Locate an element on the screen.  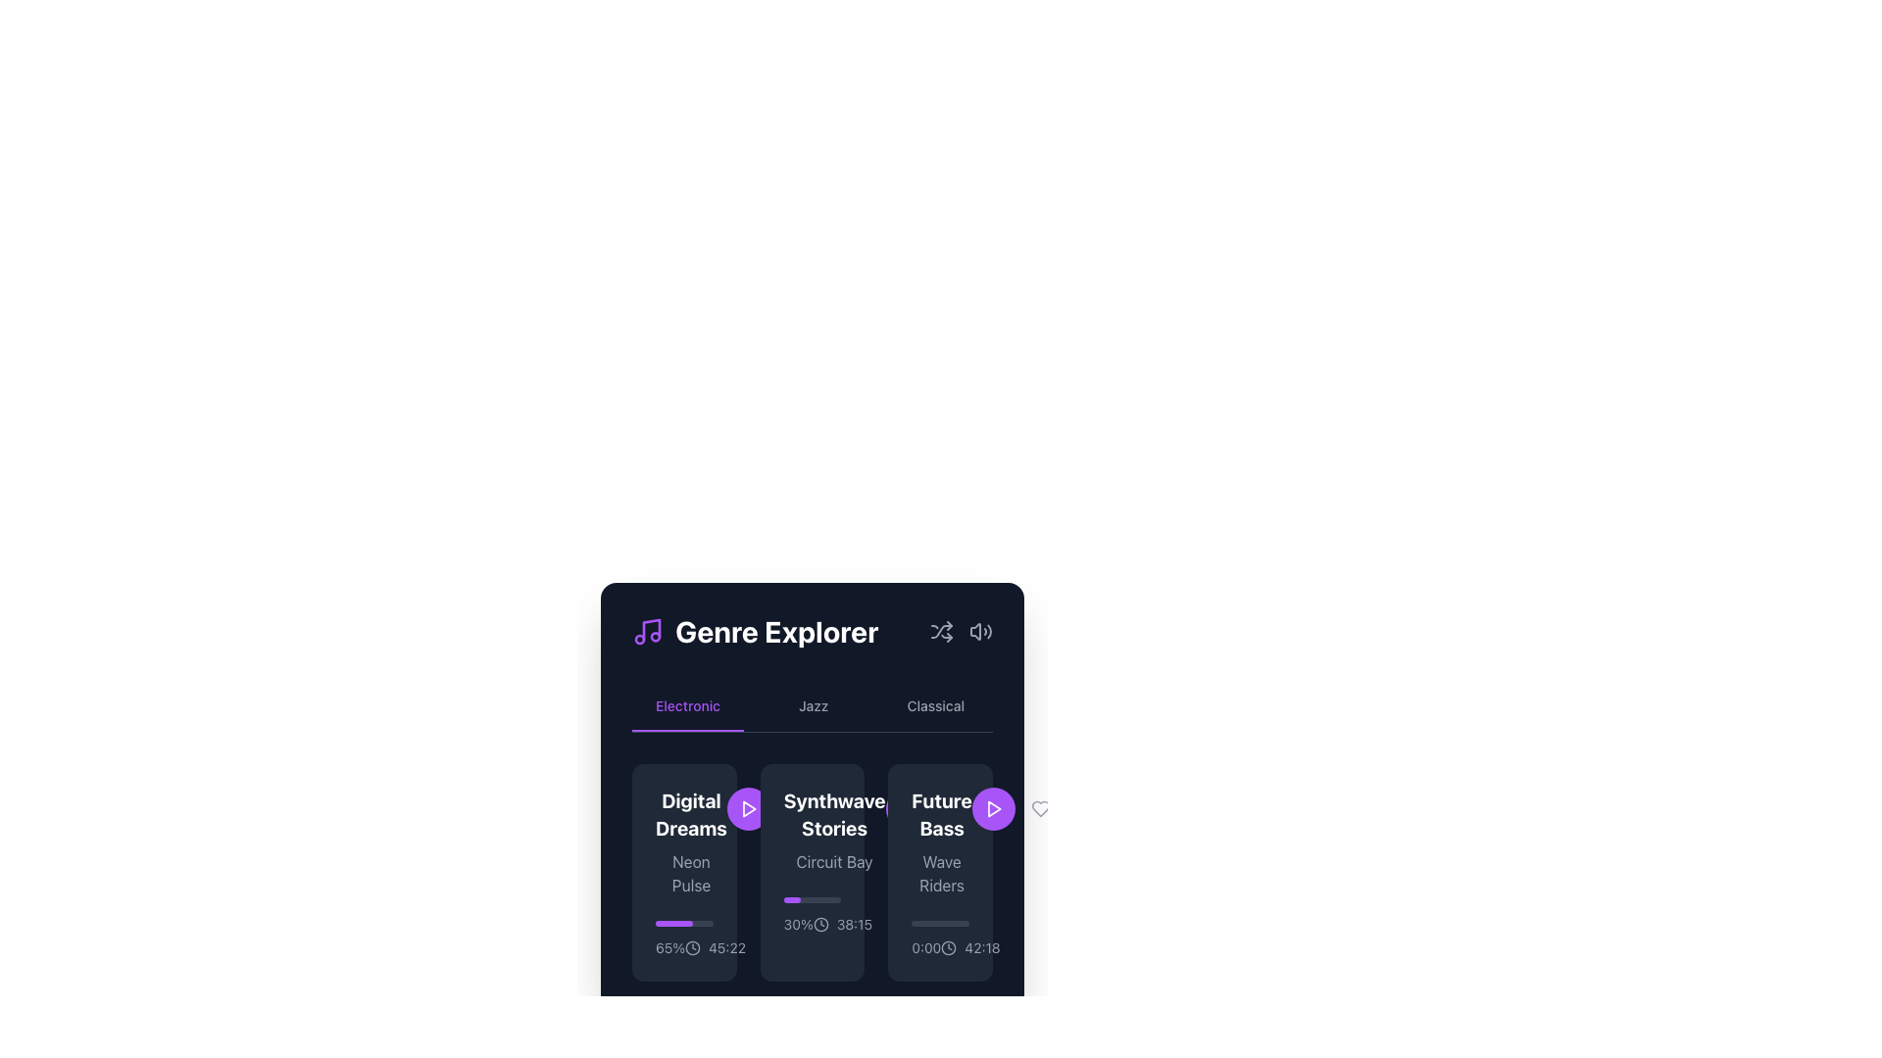
the Icon Button located in the bottom-right quadrant of the interface is located at coordinates (989, 808).